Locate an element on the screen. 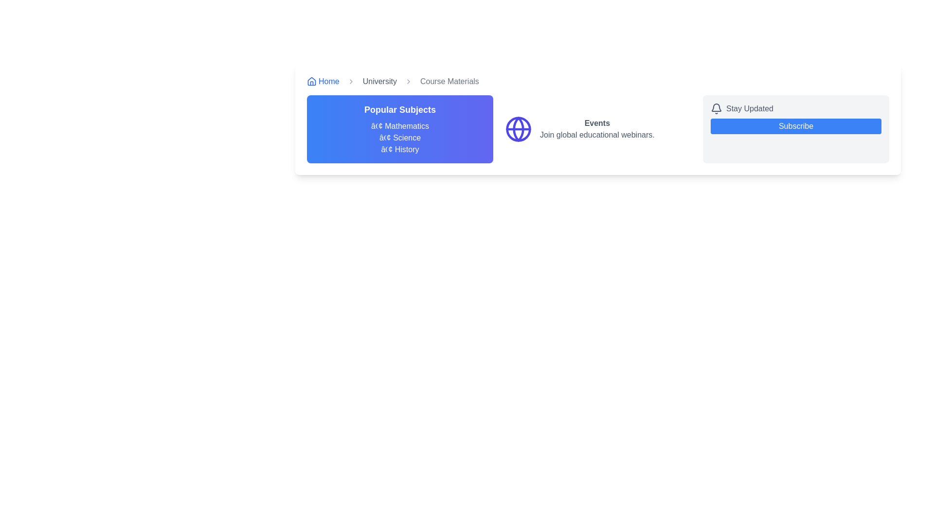 This screenshot has width=934, height=525. the house-shaped icon in the navigation bar is located at coordinates (312, 81).